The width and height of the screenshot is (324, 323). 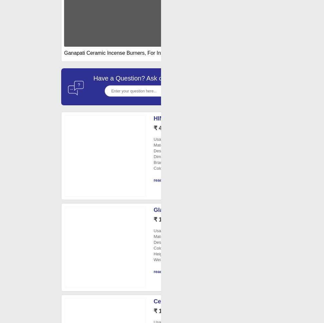 I want to click on 'Height', so click(x=159, y=253).